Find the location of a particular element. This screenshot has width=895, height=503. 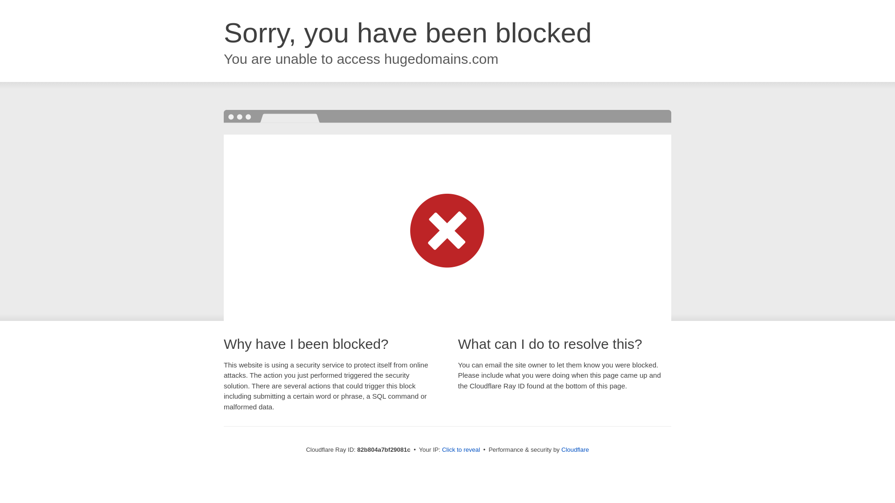

'Click to reveal' is located at coordinates (461, 449).